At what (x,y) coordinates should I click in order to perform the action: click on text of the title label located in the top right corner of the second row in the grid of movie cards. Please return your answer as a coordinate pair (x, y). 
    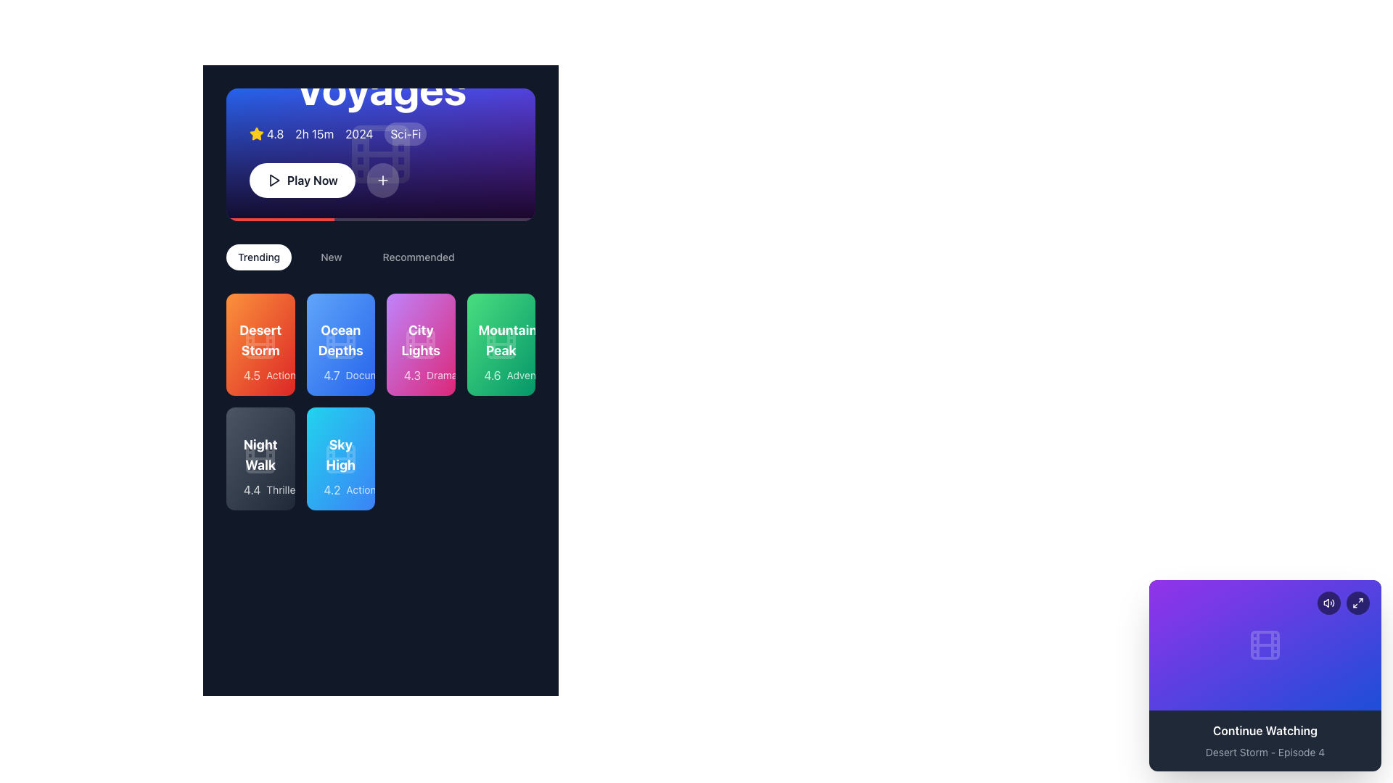
    Looking at the image, I should click on (501, 341).